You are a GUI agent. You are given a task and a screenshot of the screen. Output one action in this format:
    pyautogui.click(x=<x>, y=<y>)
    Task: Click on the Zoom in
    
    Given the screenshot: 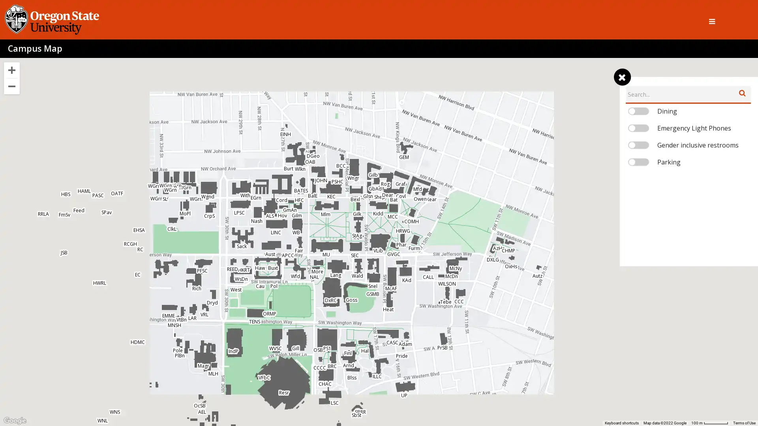 What is the action you would take?
    pyautogui.click(x=11, y=69)
    